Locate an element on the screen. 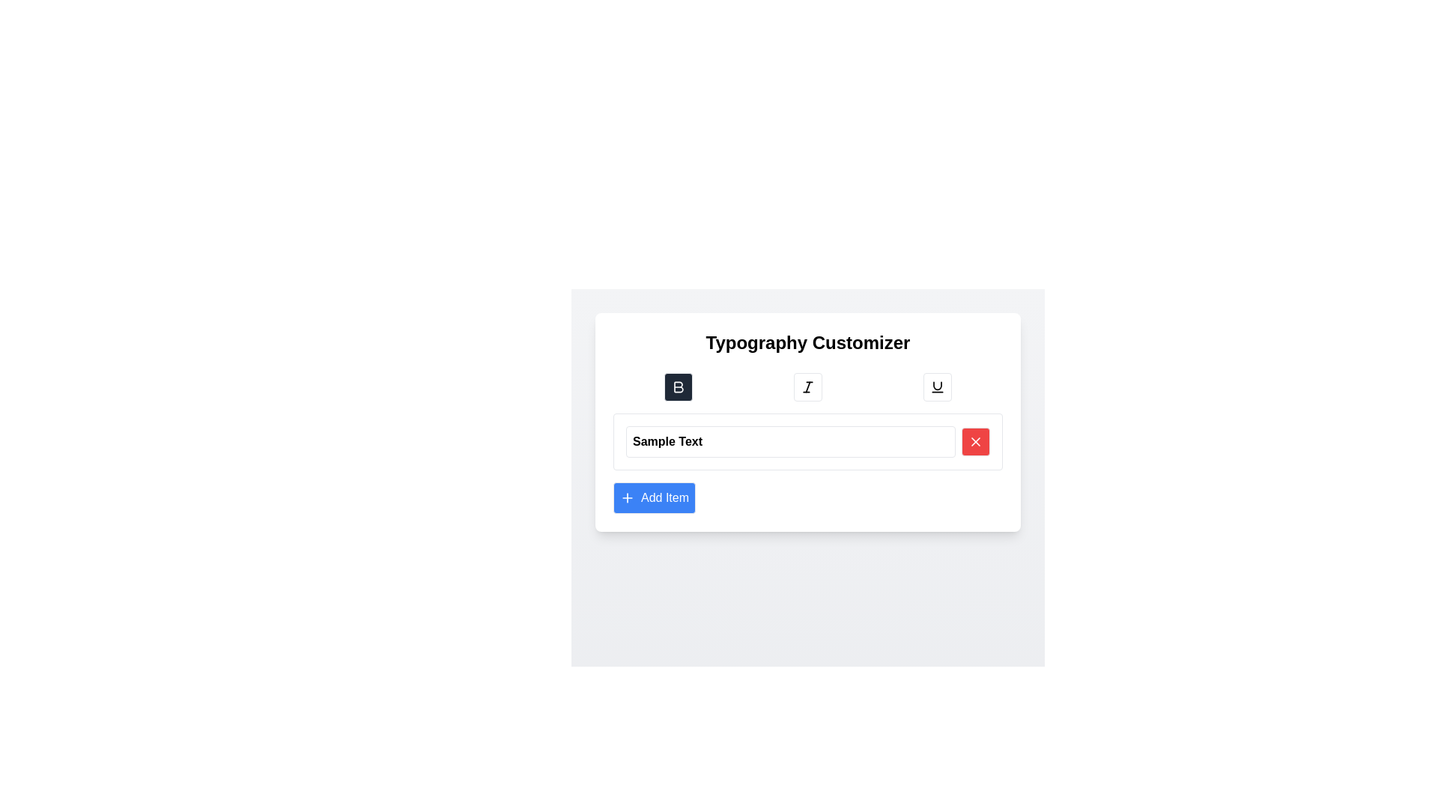  the Icon component with a curved decorative line, which represents the underline formatting option in the Typography Customizer panel is located at coordinates (937, 385).